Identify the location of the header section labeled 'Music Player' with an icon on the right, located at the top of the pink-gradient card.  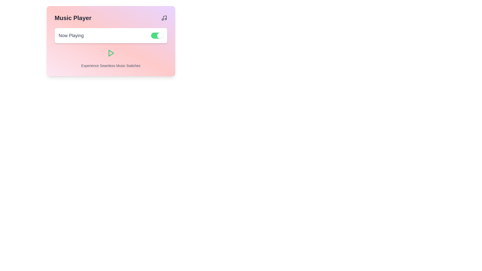
(110, 18).